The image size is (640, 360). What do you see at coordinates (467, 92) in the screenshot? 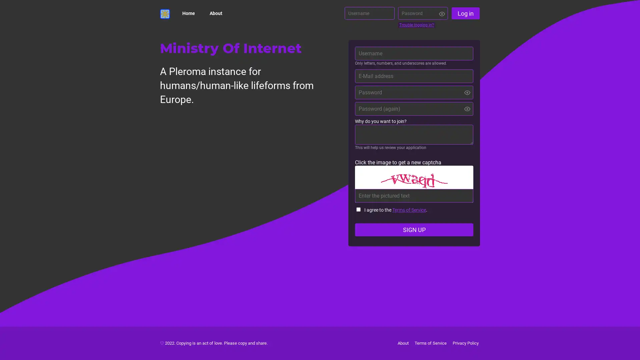
I see `Show password` at bounding box center [467, 92].